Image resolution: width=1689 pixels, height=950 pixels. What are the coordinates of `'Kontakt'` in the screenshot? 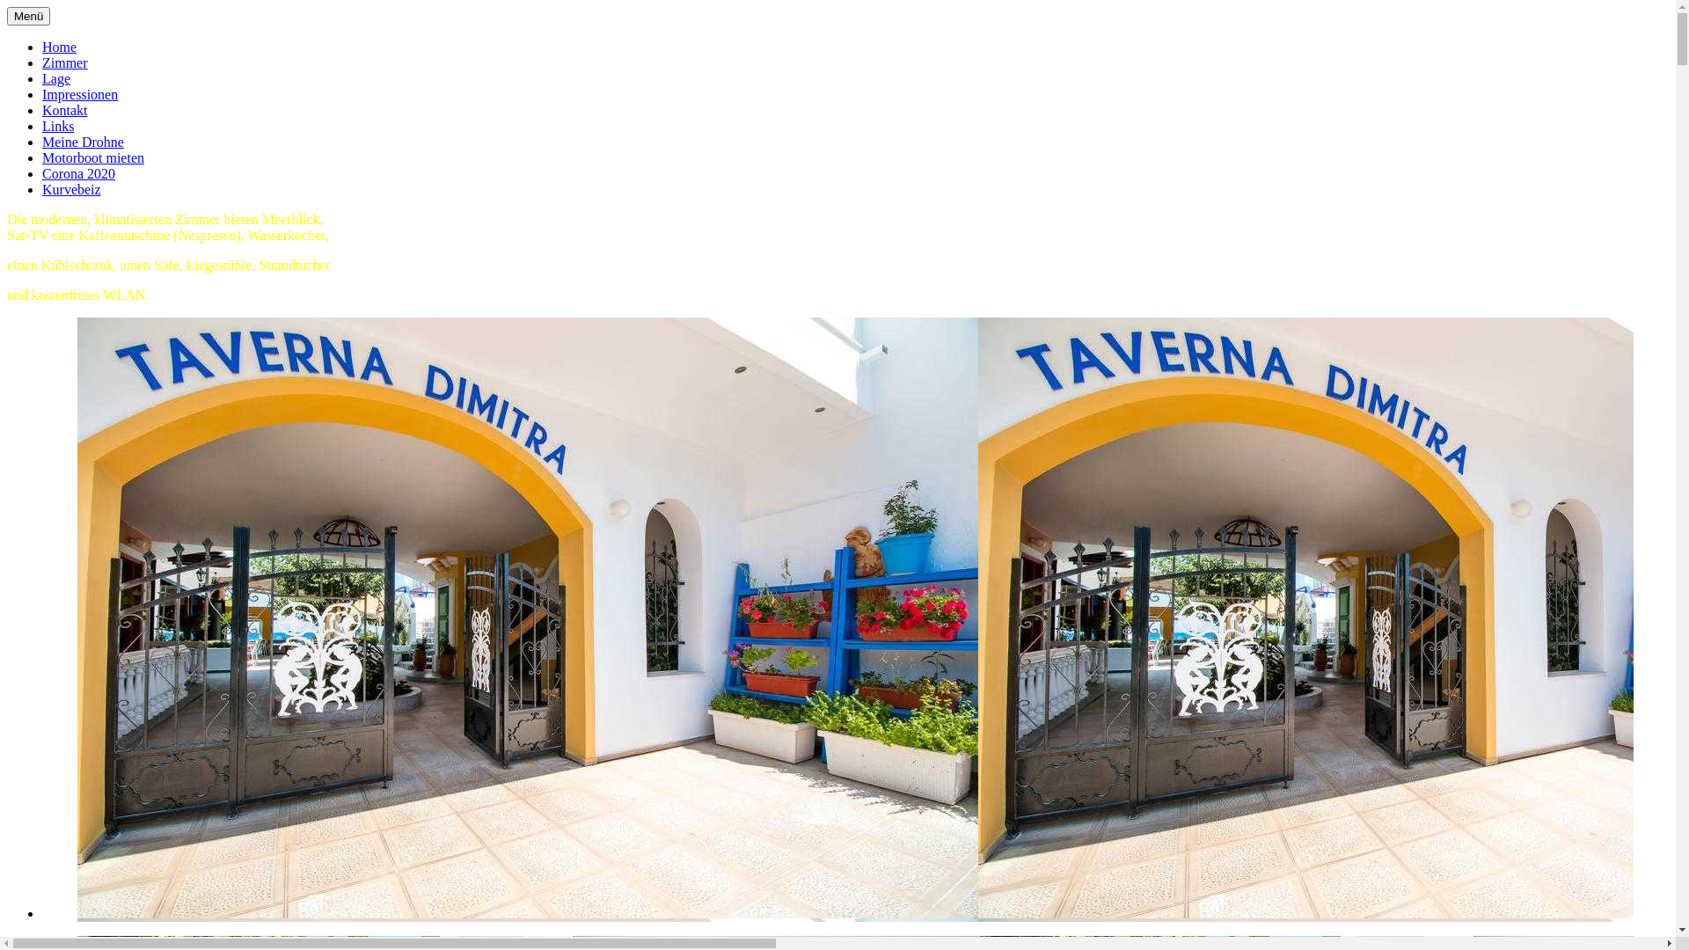 It's located at (64, 110).